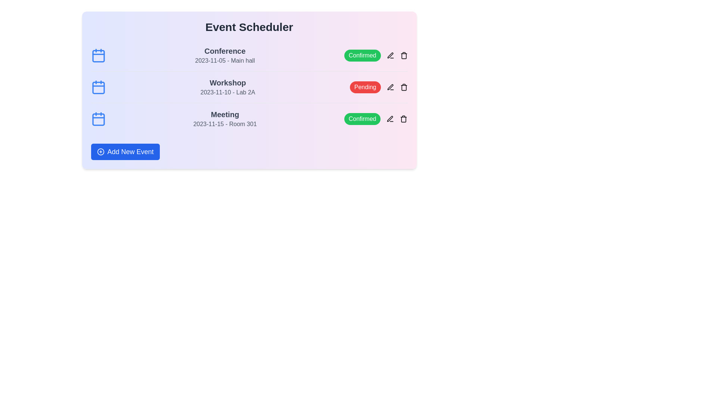  What do you see at coordinates (98, 119) in the screenshot?
I see `the calendar icon representing the date of the event, located on the left side of the third entry` at bounding box center [98, 119].